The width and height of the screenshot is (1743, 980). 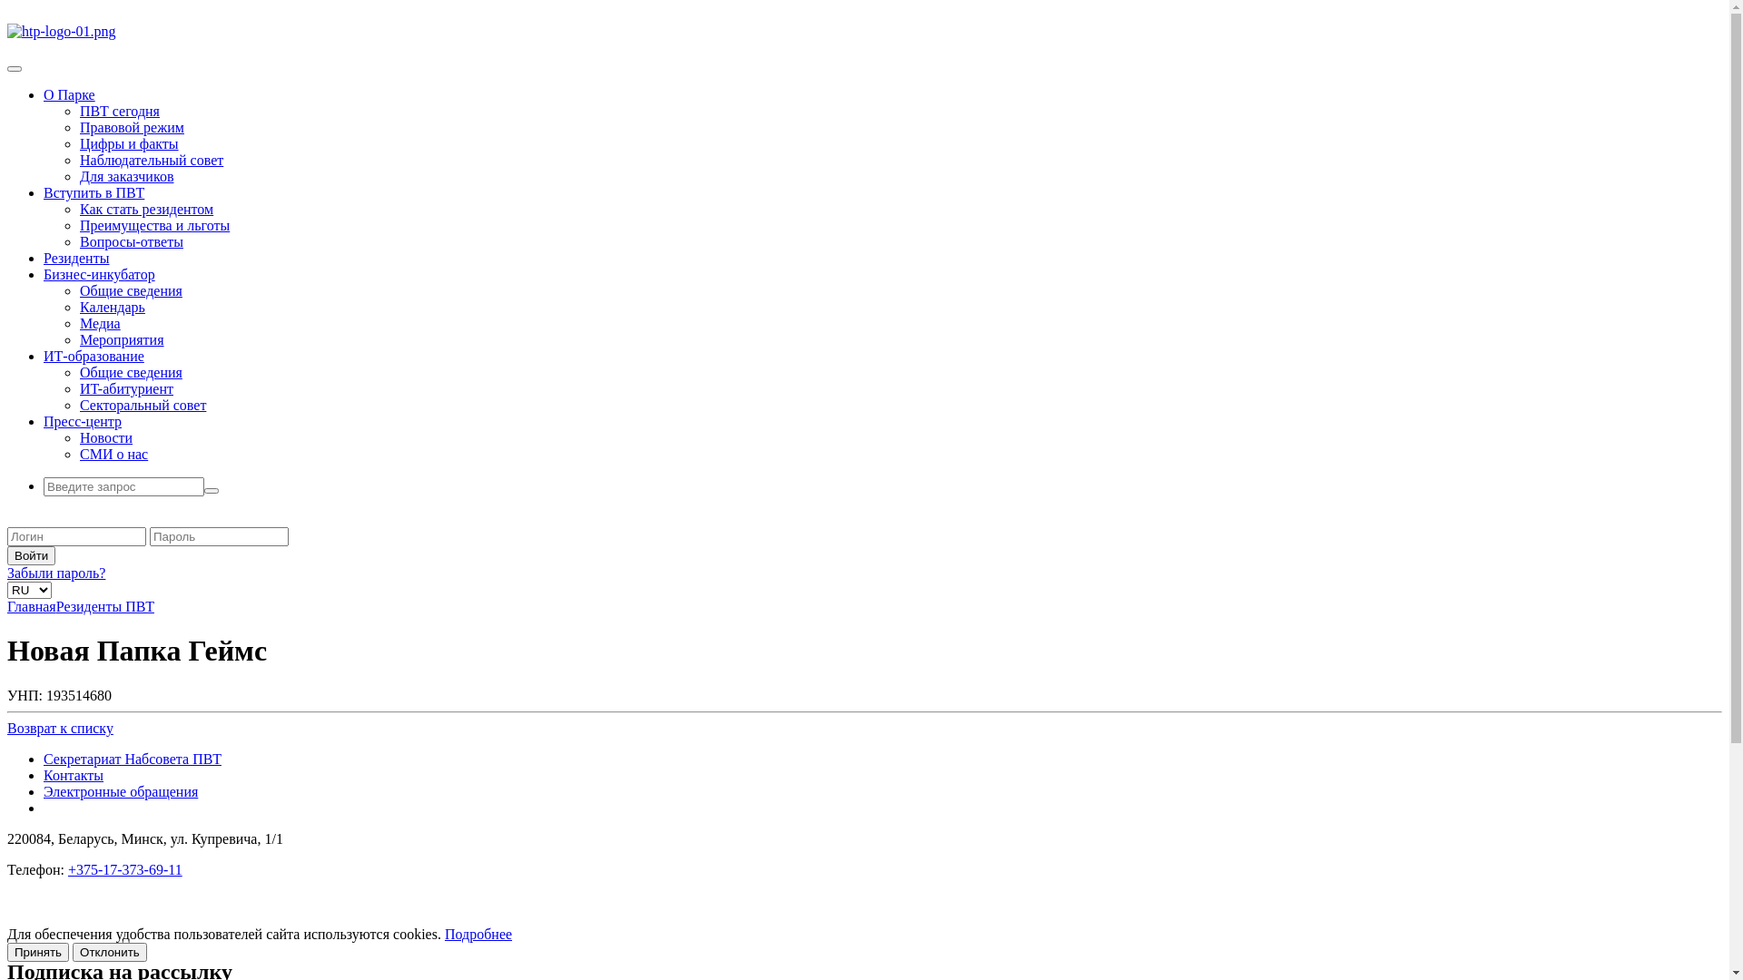 I want to click on '+375-17-373-69-11', so click(x=124, y=868).